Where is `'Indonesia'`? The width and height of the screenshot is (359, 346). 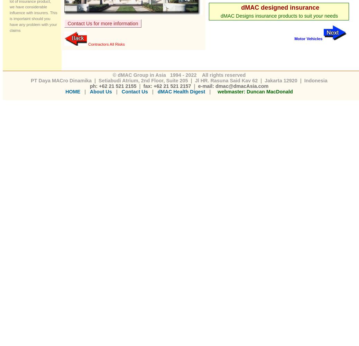
'Indonesia' is located at coordinates (315, 80).